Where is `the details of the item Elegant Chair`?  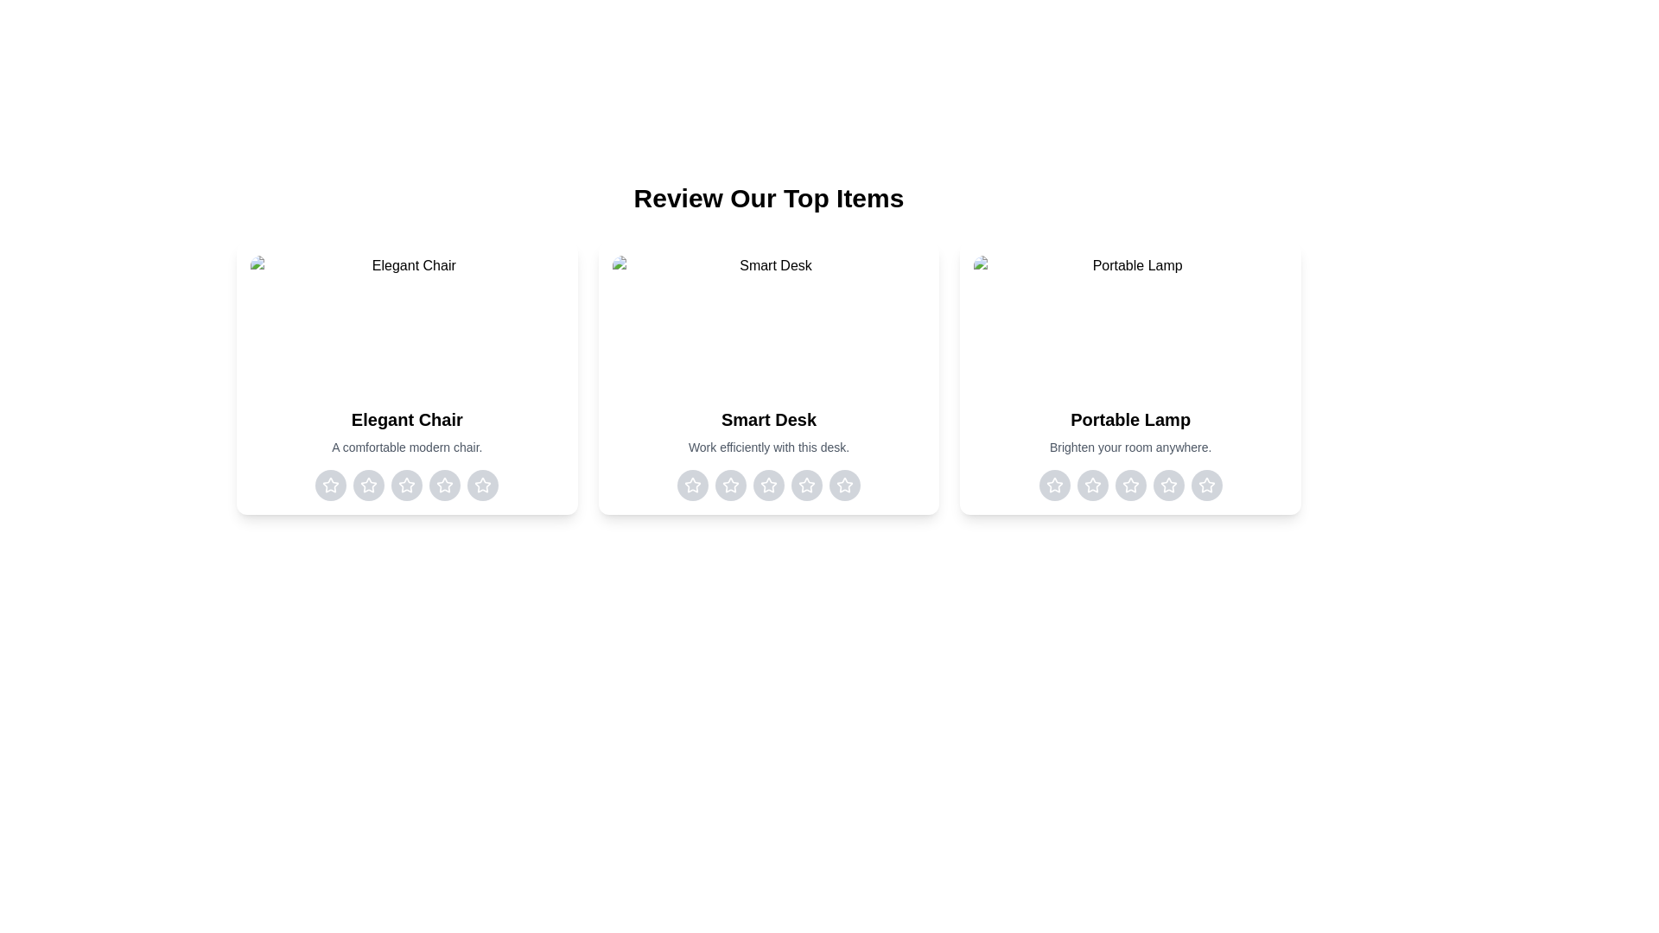
the details of the item Elegant Chair is located at coordinates (405, 378).